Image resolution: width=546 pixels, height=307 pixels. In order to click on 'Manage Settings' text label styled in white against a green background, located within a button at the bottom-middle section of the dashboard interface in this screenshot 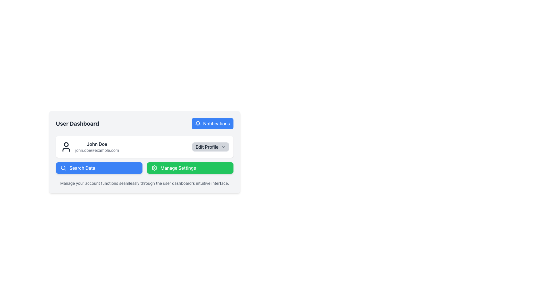, I will do `click(178, 167)`.